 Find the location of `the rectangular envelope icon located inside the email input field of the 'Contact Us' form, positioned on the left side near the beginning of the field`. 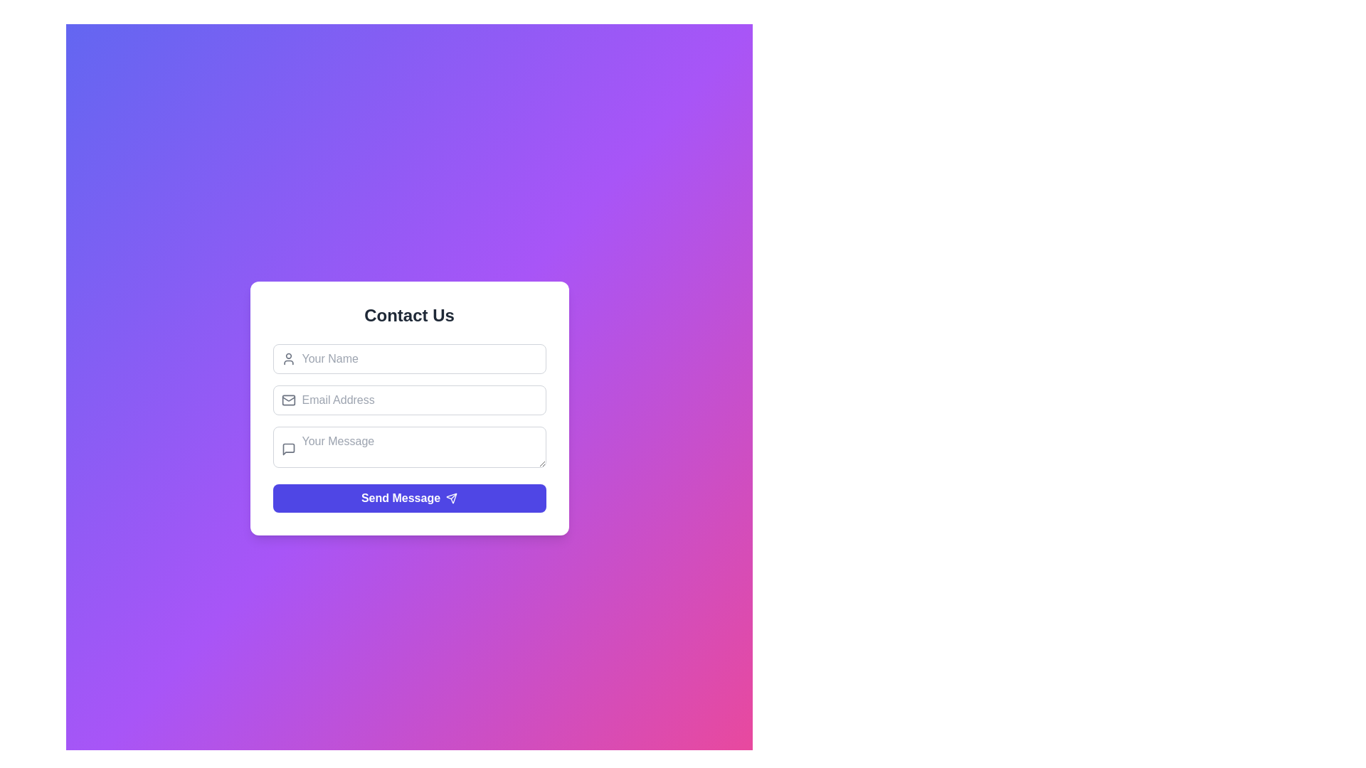

the rectangular envelope icon located inside the email input field of the 'Contact Us' form, positioned on the left side near the beginning of the field is located at coordinates (287, 400).